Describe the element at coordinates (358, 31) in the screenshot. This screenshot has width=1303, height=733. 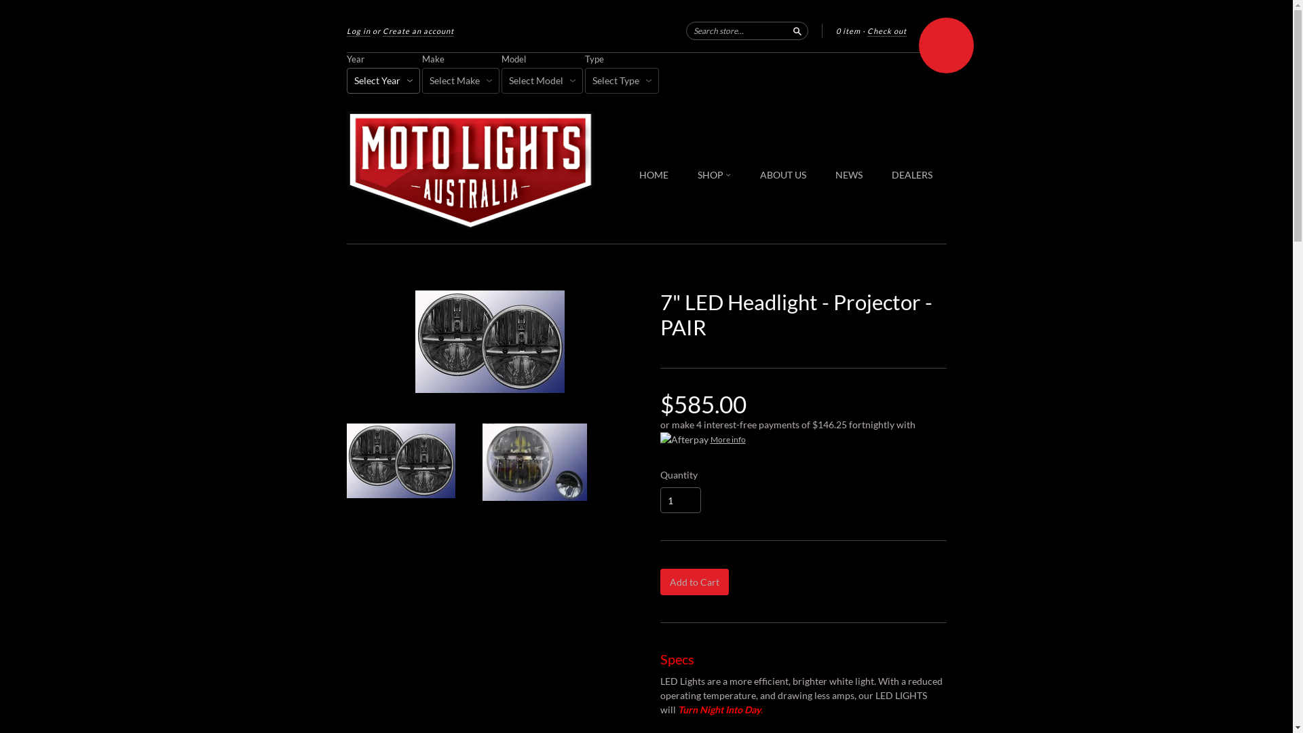
I see `'Log in'` at that location.